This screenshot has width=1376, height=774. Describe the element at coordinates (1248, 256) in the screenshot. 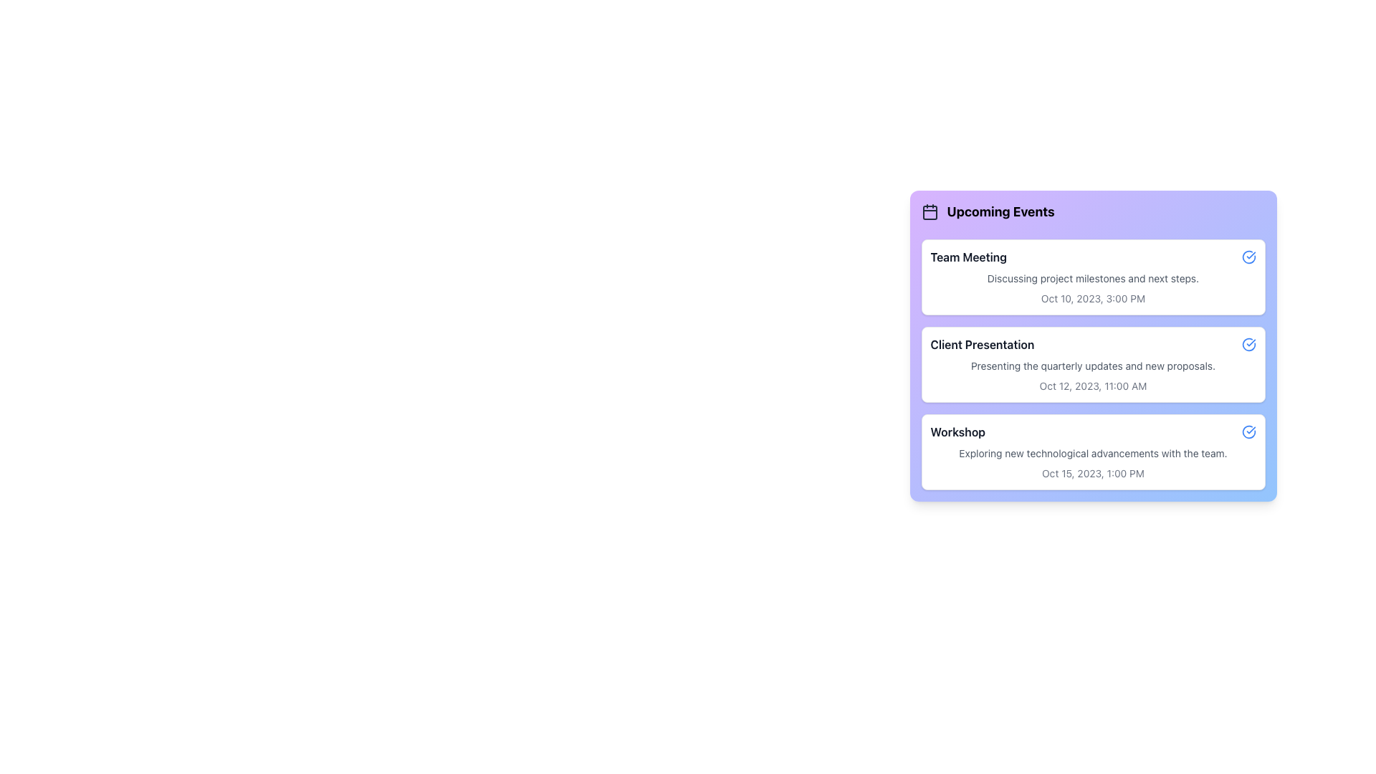

I see `the circular notification icon located in the top-right corner of the 'Team Meeting' section within the 'Upcoming Events' panel` at that location.